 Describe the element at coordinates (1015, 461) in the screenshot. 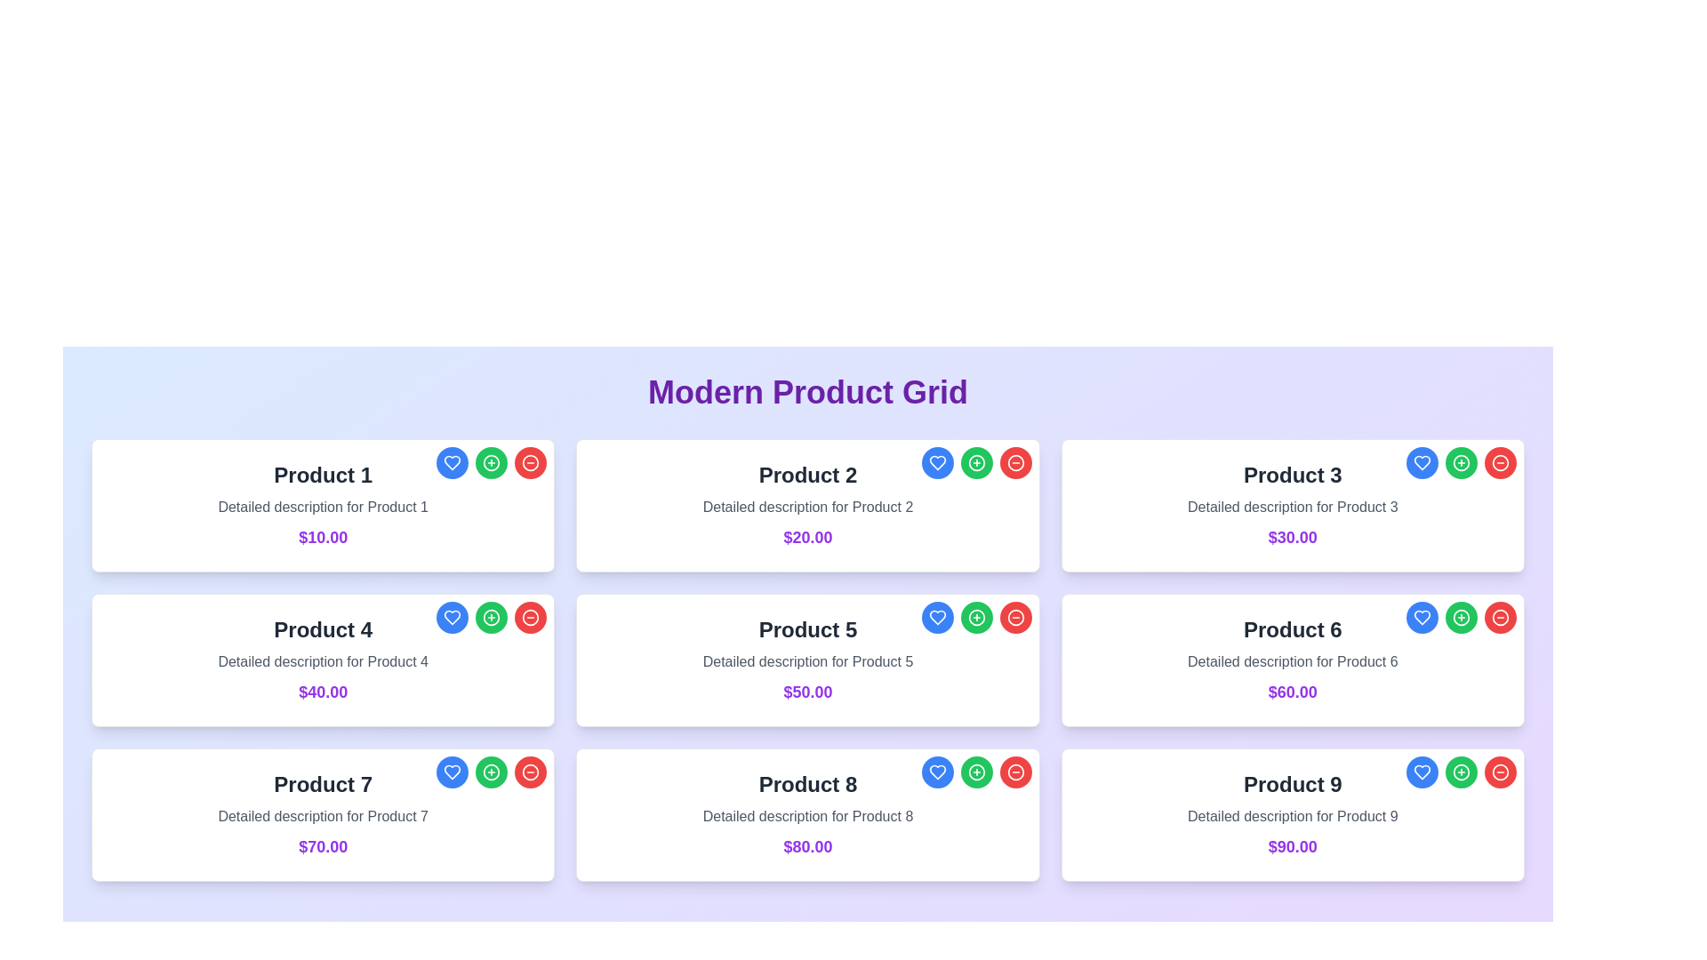

I see `the red circular graphical element with a '+' sign, part of the controls for 'Product 5' in the top-right corner of the product card` at that location.